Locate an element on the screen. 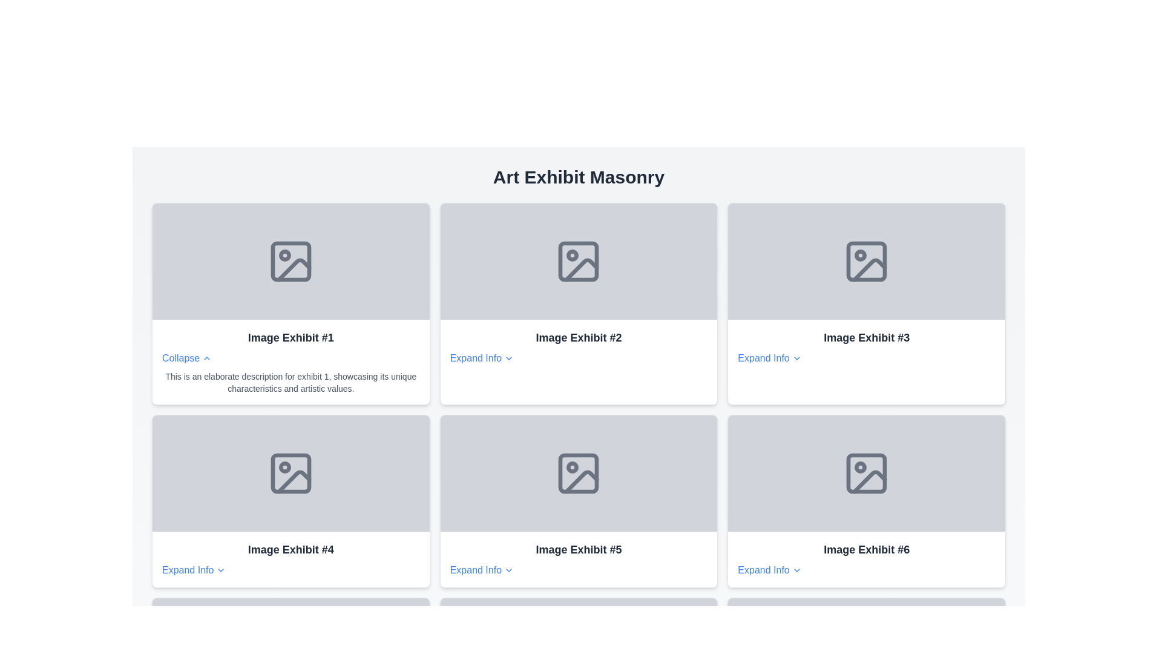  the bold text label reading 'Image Exhibit #5', which is located at the bottom-center of the fifth card in the second row of a two-row grid layout is located at coordinates (578, 549).